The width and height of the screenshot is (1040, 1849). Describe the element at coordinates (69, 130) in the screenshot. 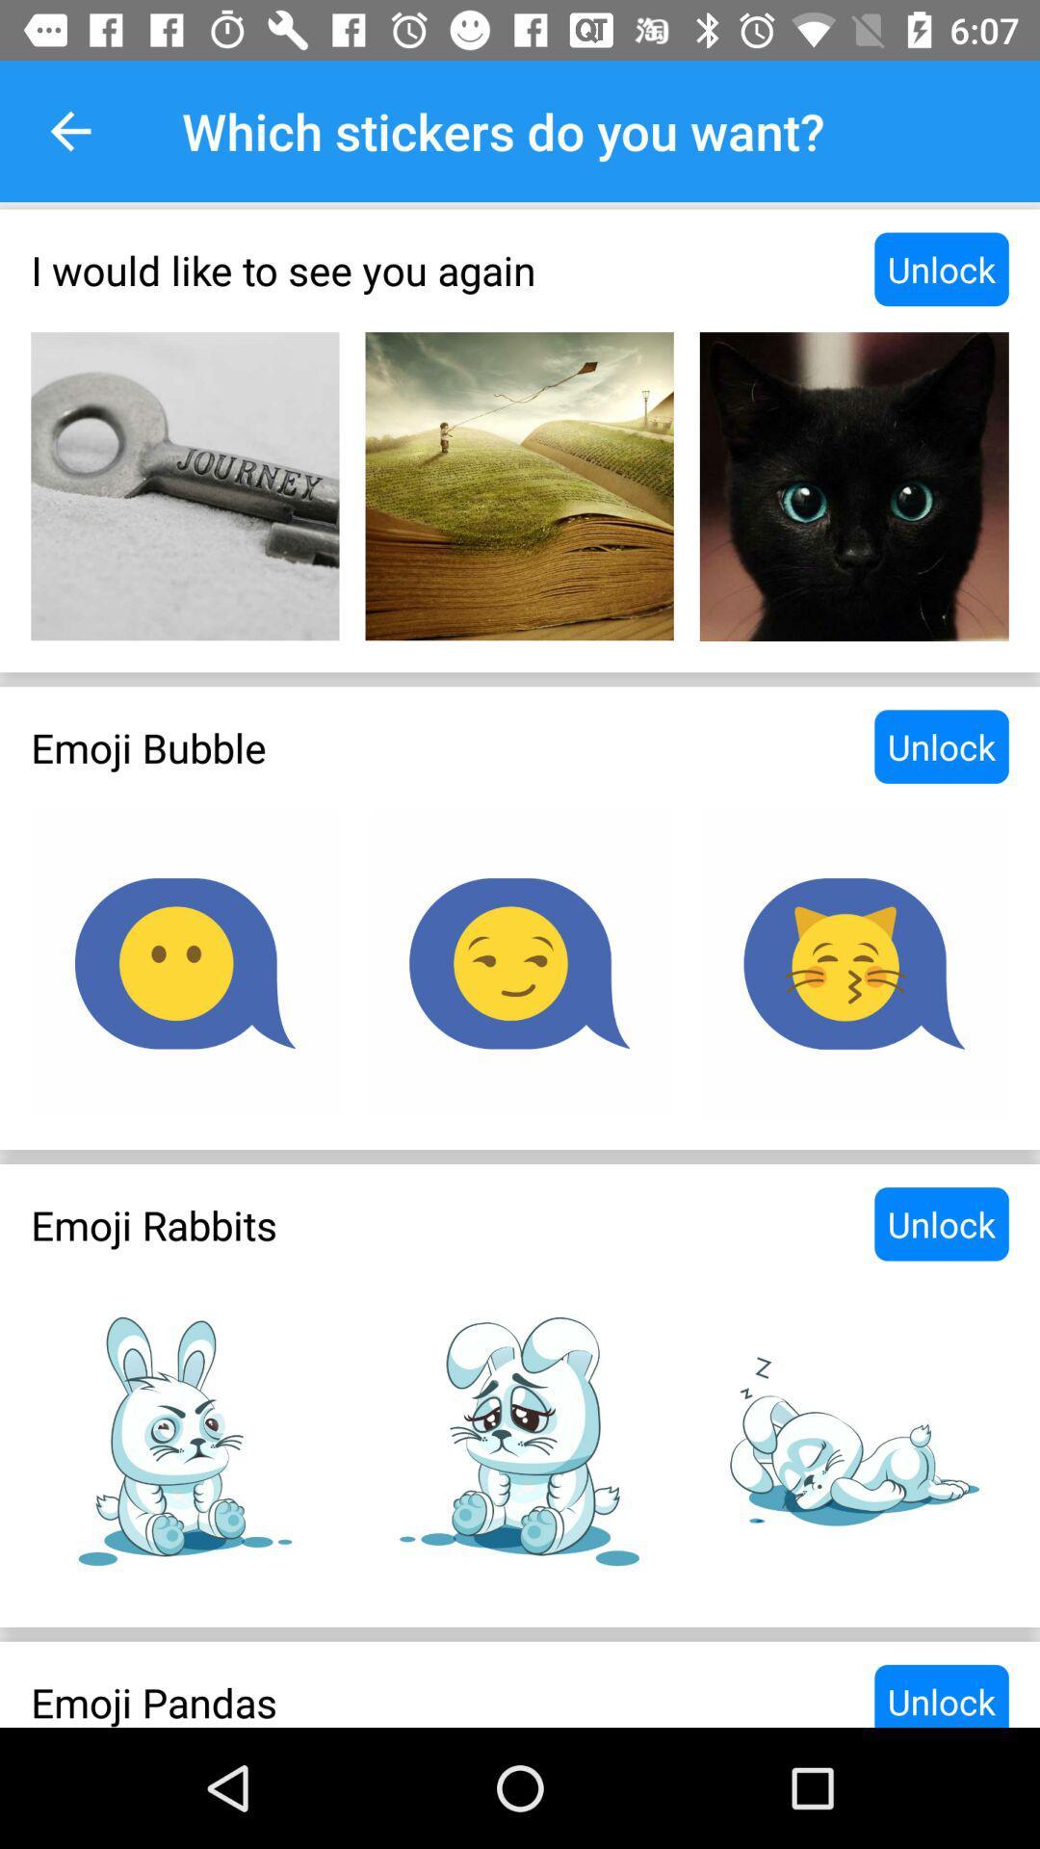

I see `the item next to the which stickers do item` at that location.